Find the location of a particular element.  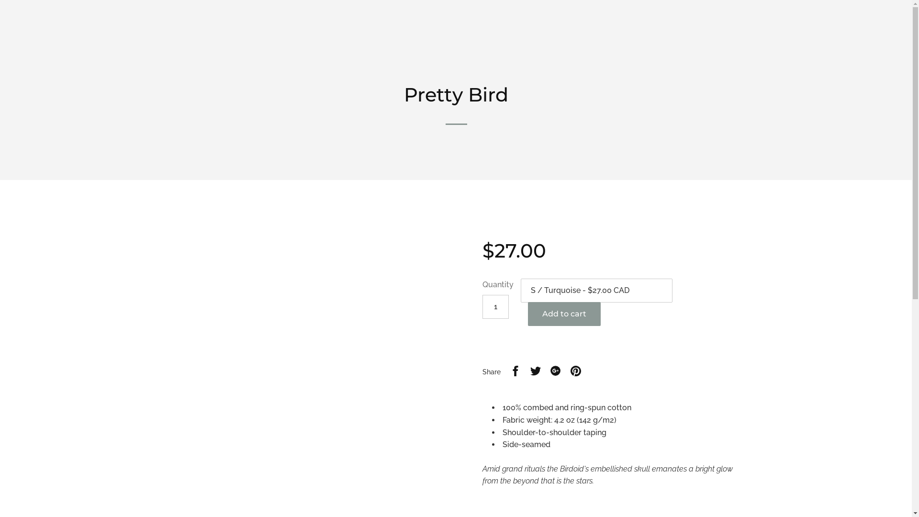

'Share on Google' is located at coordinates (556, 372).